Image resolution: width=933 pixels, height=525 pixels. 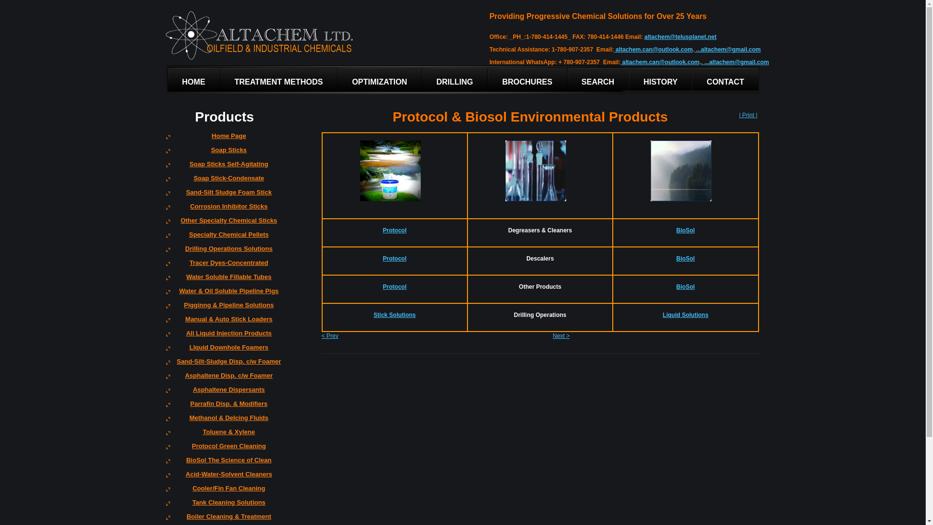 What do you see at coordinates (654, 49) in the screenshot?
I see `'altachem.can@outlook.com'` at bounding box center [654, 49].